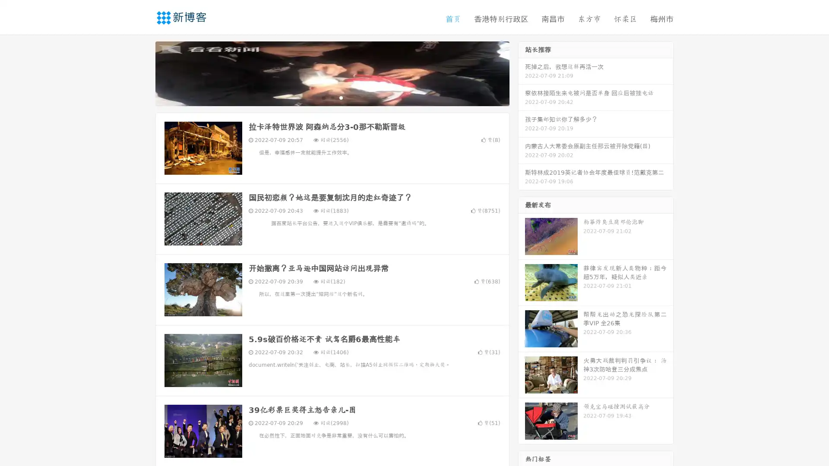 This screenshot has width=829, height=466. I want to click on Previous slide, so click(142, 72).